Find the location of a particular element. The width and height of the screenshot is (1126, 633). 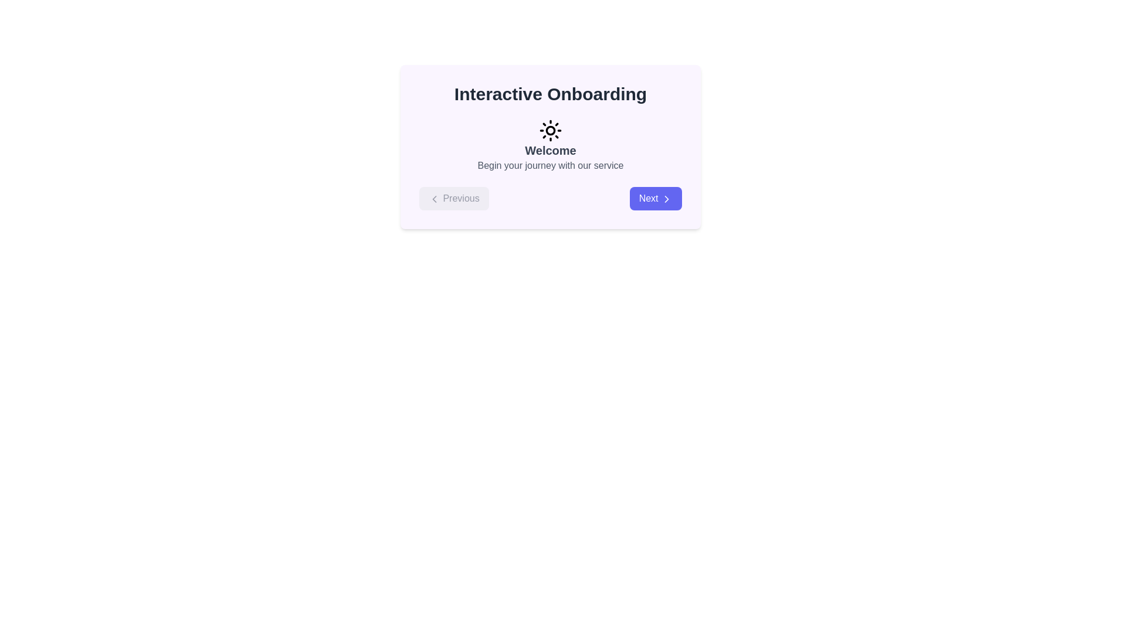

the chevron icon indicating the forward action within the 'Next' button, located in the bottom-right corner of the card layout for keyboard navigation is located at coordinates (667, 198).